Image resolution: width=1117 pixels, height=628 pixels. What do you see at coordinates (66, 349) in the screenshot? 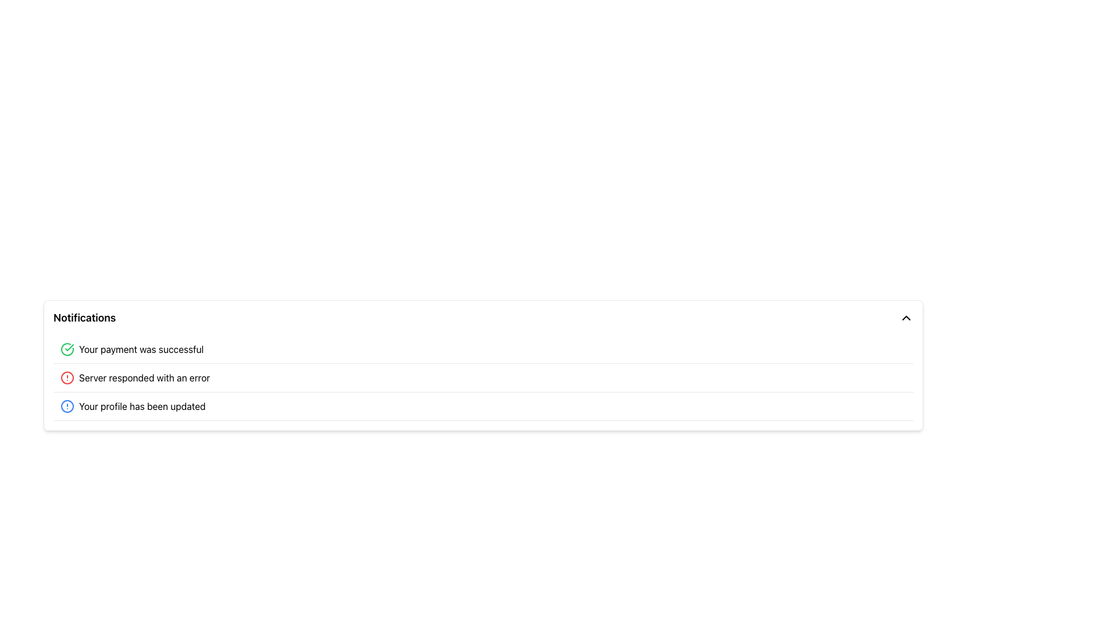
I see `the green circle icon with a checkmark that indicates success, which is located to the left of the notification message 'Your payment was successful.'` at bounding box center [66, 349].